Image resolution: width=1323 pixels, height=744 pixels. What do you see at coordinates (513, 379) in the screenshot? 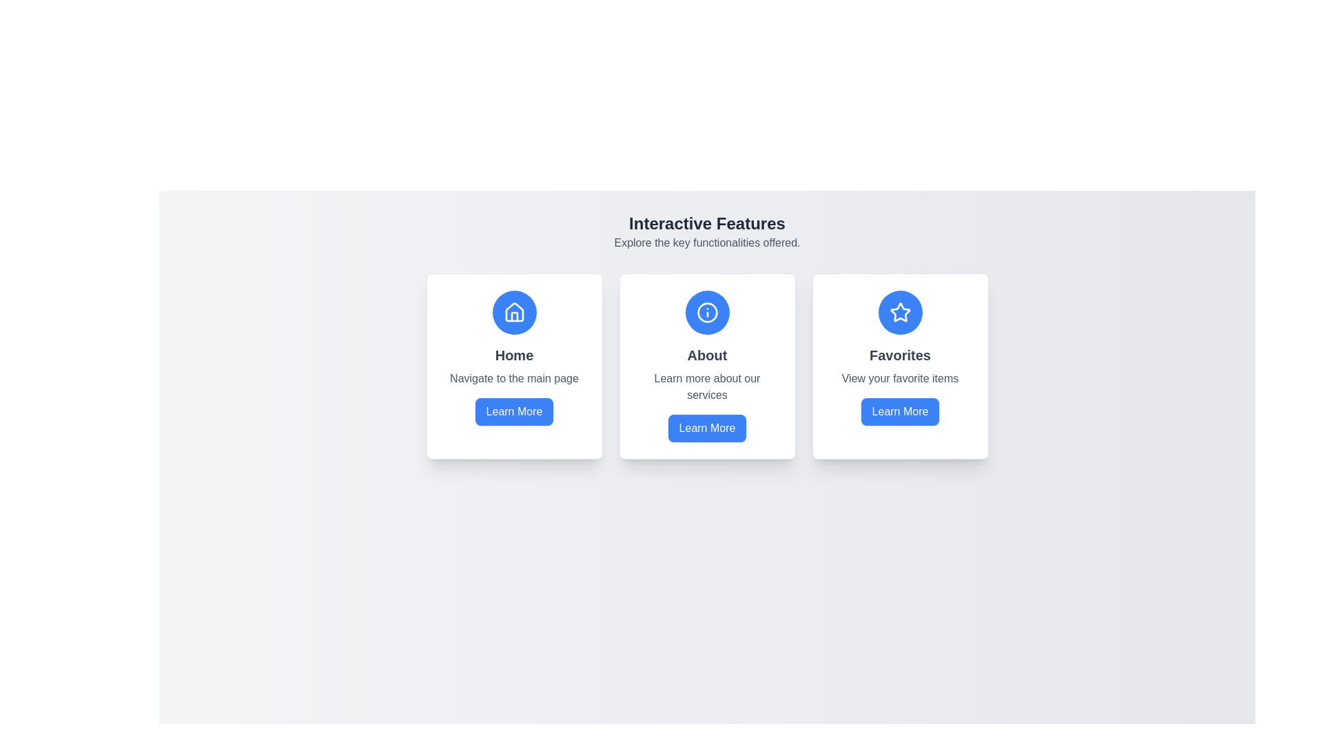
I see `the Text Label that provides navigation instructions, located below the 'Home' title and above the 'Learn More' button in the left card of the three-card layout` at bounding box center [513, 379].